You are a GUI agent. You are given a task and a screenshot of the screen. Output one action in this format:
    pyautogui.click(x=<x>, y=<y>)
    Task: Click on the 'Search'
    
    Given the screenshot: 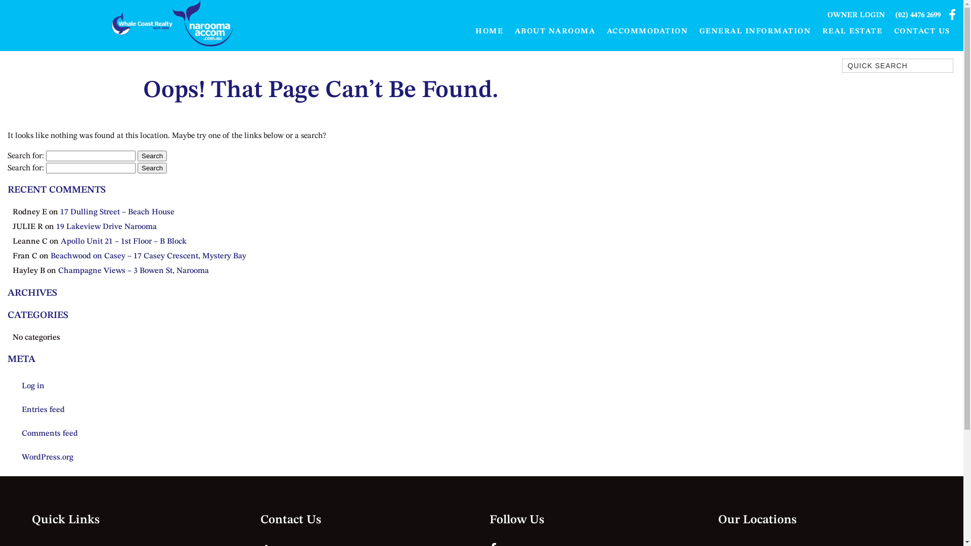 What is the action you would take?
    pyautogui.click(x=152, y=156)
    